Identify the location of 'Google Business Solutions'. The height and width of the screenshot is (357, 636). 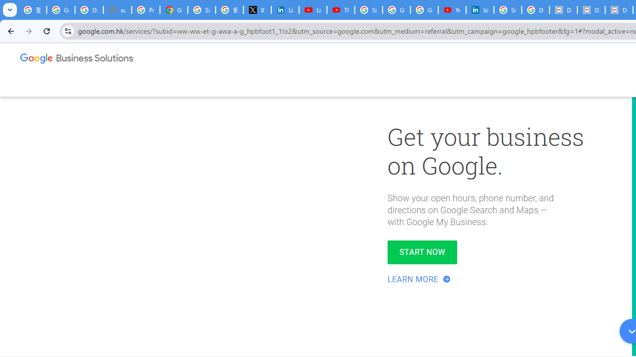
(77, 60).